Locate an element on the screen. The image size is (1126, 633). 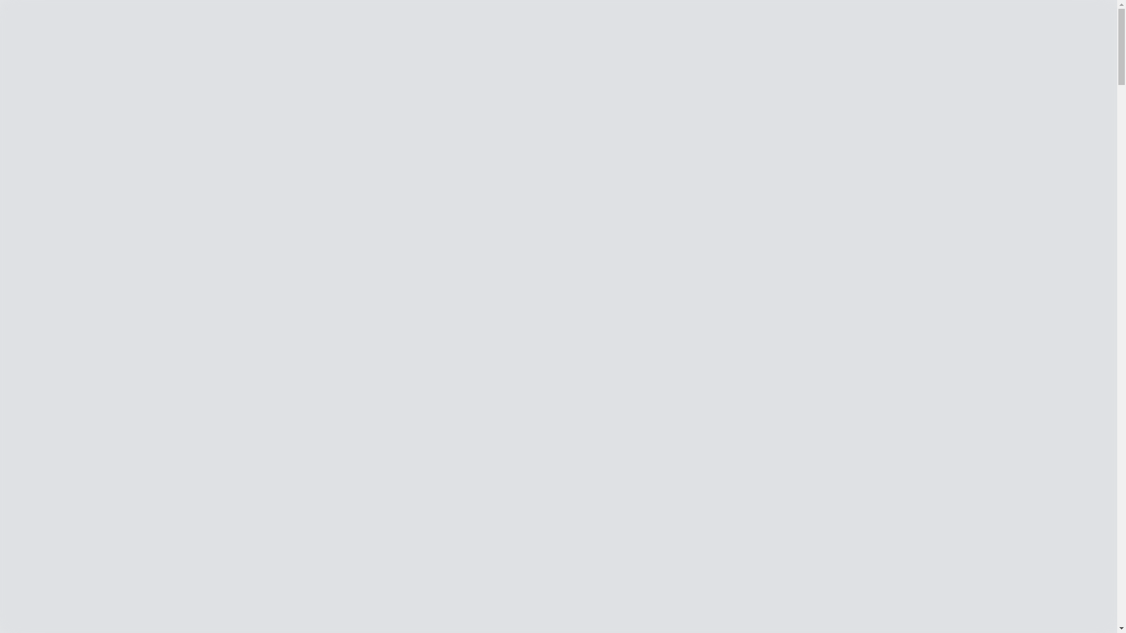
'Visit' is located at coordinates (44, 270).